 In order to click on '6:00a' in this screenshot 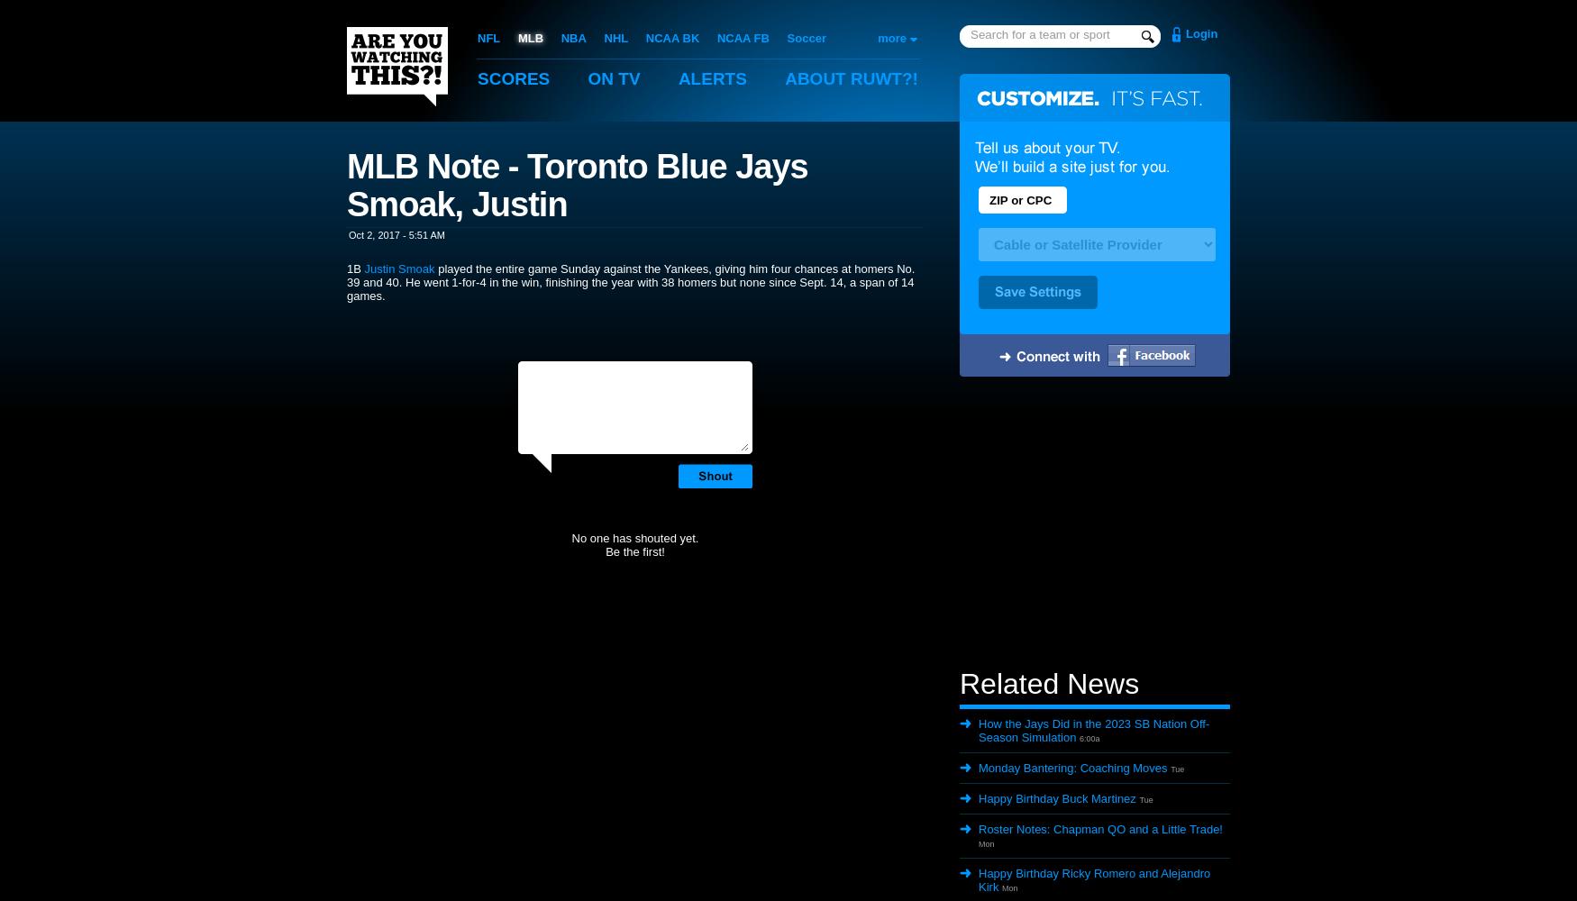, I will do `click(1089, 738)`.